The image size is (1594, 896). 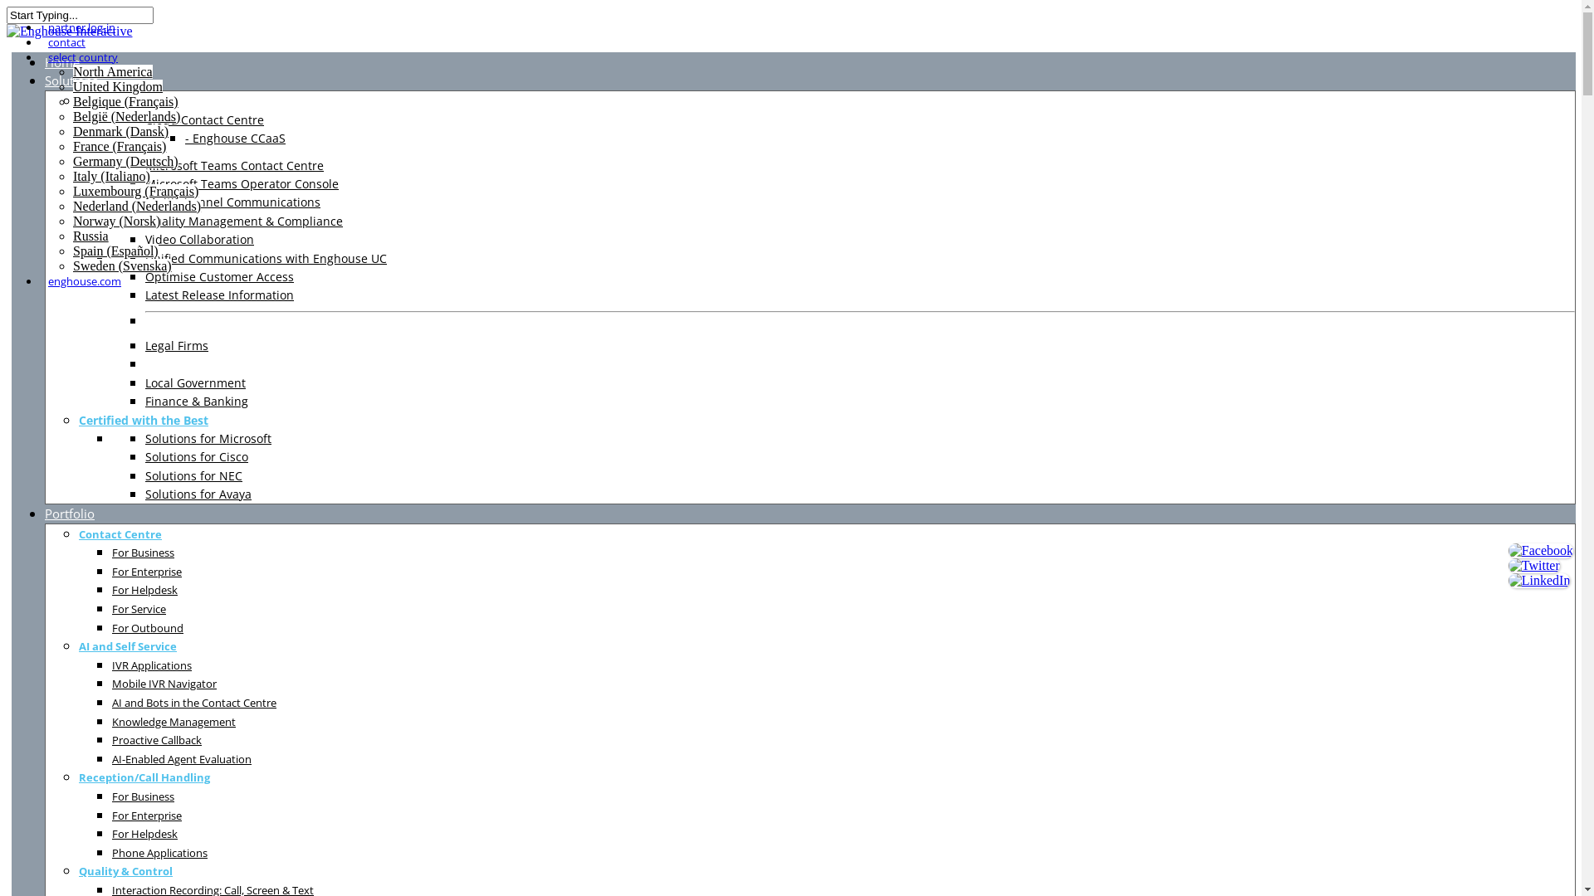 I want to click on 'Quality & Control', so click(x=125, y=869).